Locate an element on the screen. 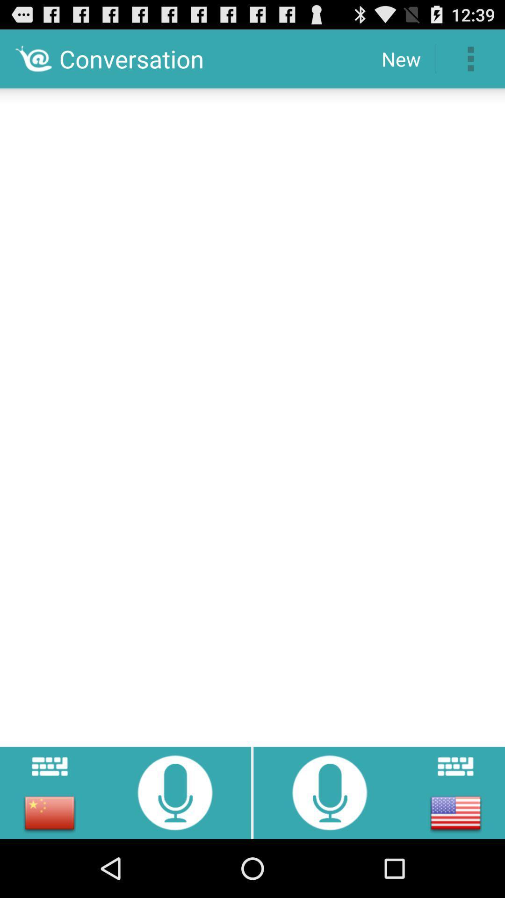 The image size is (505, 898). the national_flag icon is located at coordinates (455, 869).